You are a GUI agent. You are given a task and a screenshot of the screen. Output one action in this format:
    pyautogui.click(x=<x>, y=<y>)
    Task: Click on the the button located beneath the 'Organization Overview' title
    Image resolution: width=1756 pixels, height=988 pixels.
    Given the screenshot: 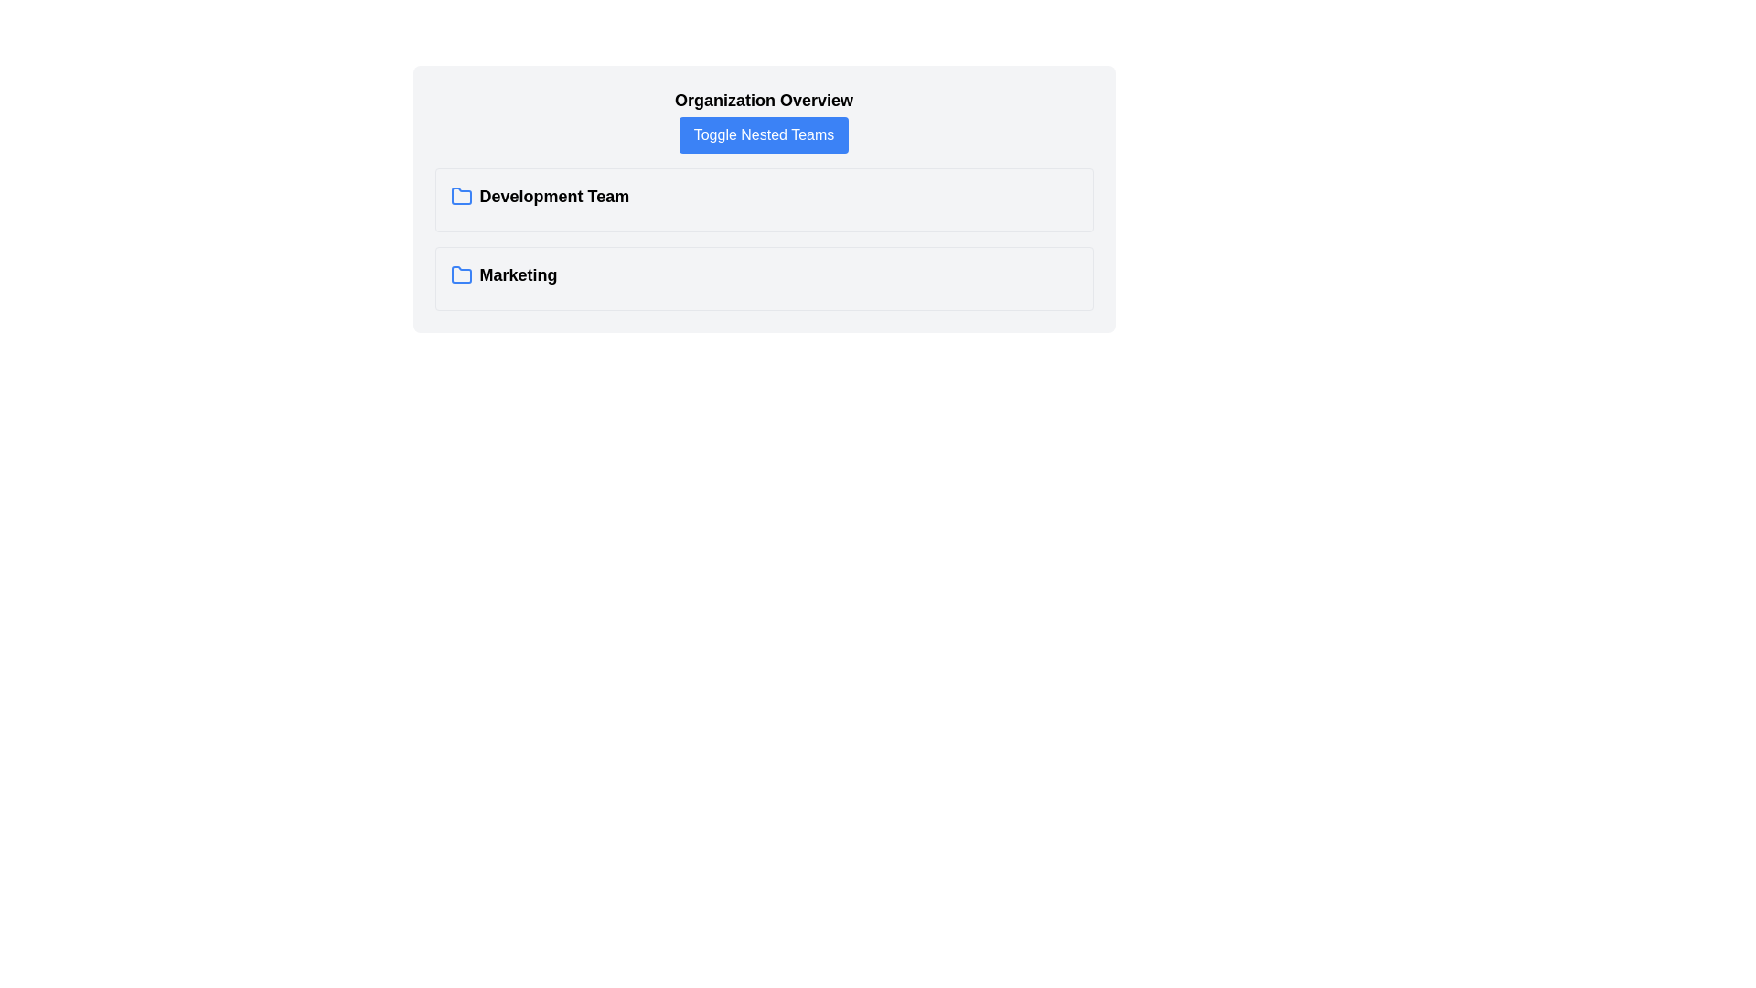 What is the action you would take?
    pyautogui.click(x=764, y=134)
    